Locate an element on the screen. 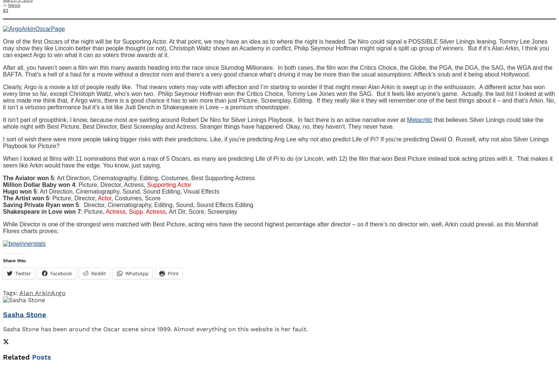 Image resolution: width=559 pixels, height=370 pixels. 'I sort of wish there were more people taking bigger risks with their predictions. Like, if you’re predicting Ang Lee why not also predict Life of Pi? If you’re predicting David O. Russell, why not also Silver Linings Playbook for Picture?' is located at coordinates (275, 142).